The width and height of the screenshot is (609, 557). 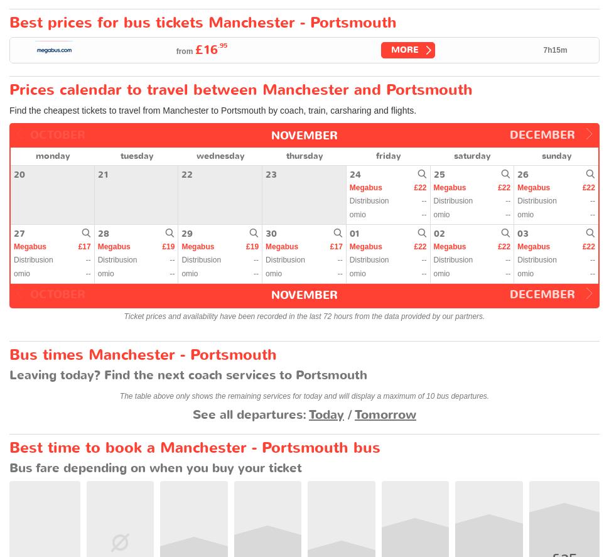 What do you see at coordinates (303, 155) in the screenshot?
I see `'thursday'` at bounding box center [303, 155].